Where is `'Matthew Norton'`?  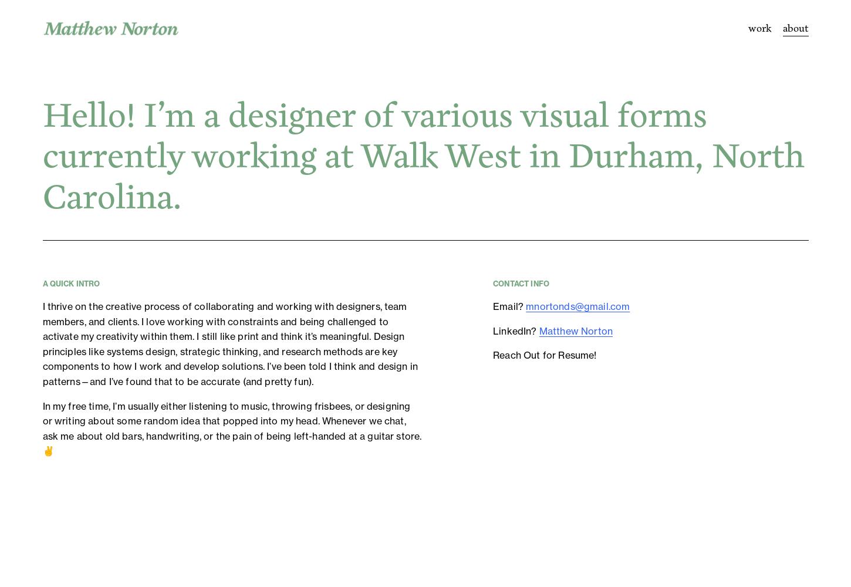
'Matthew Norton' is located at coordinates (576, 330).